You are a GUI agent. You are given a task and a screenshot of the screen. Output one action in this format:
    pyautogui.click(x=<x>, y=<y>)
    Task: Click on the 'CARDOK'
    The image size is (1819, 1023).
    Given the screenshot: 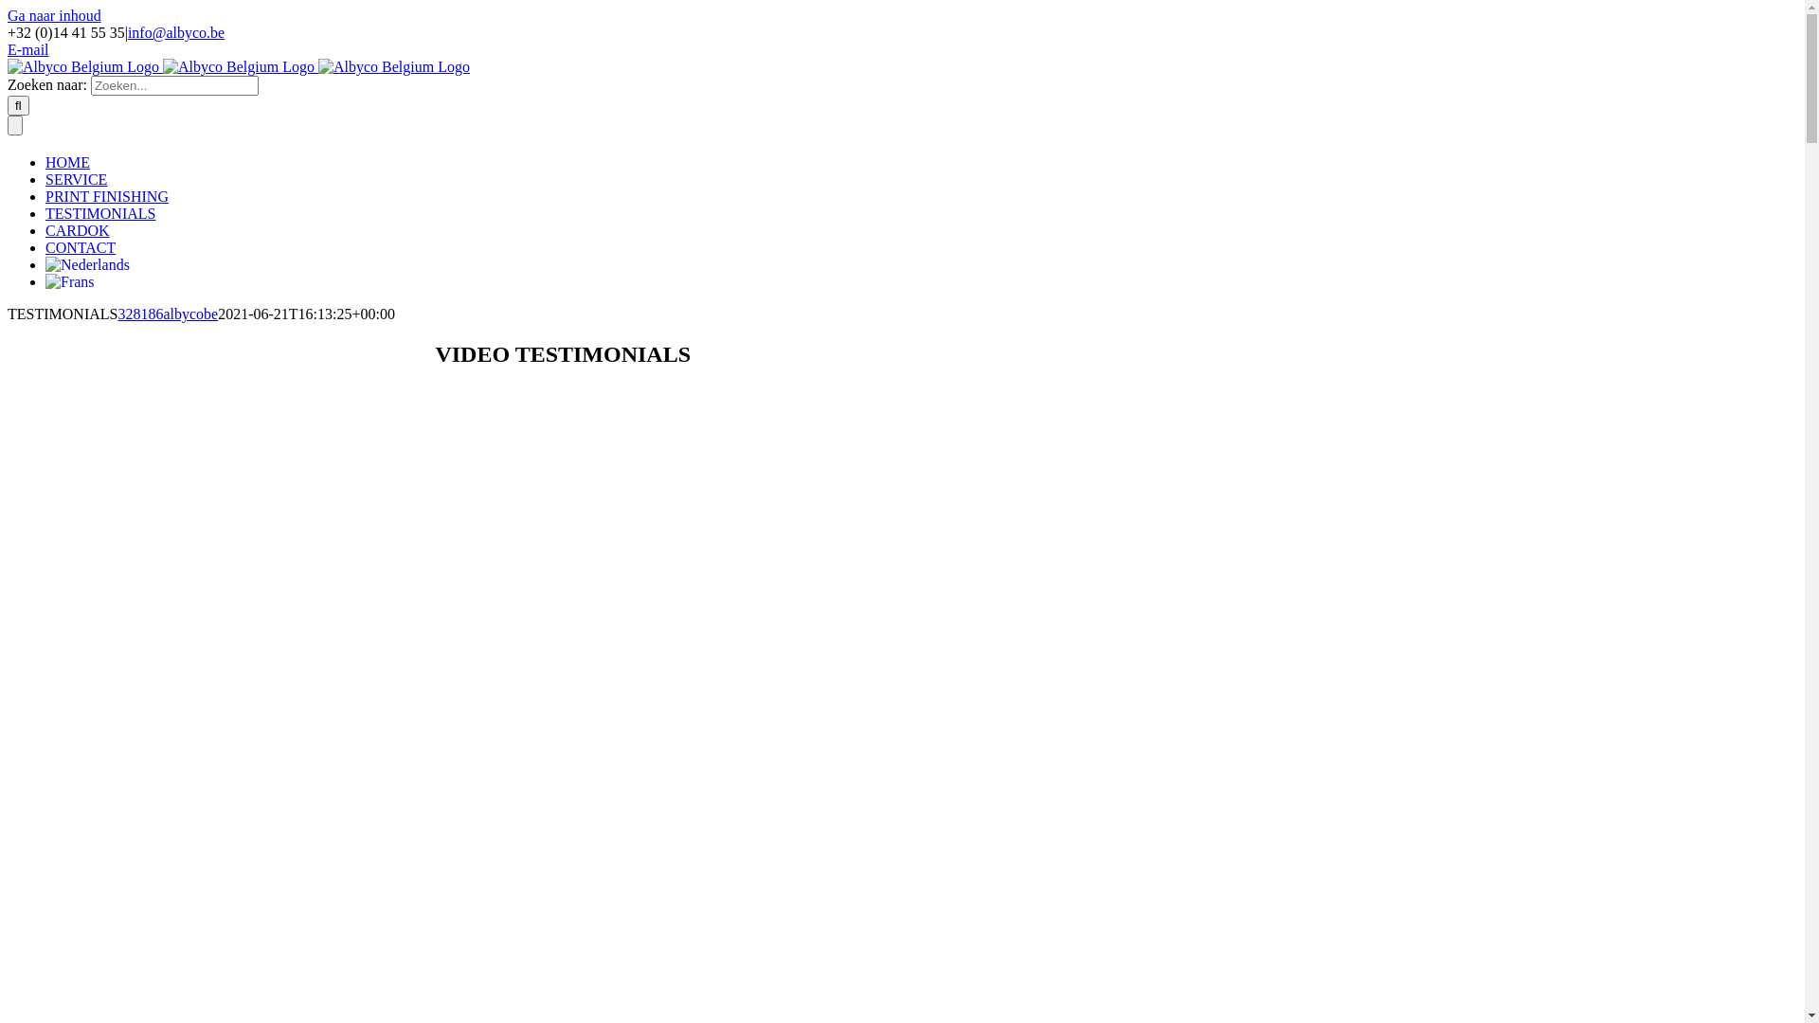 What is the action you would take?
    pyautogui.click(x=76, y=229)
    